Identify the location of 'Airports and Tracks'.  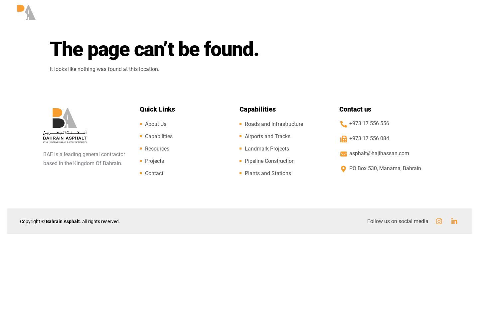
(267, 136).